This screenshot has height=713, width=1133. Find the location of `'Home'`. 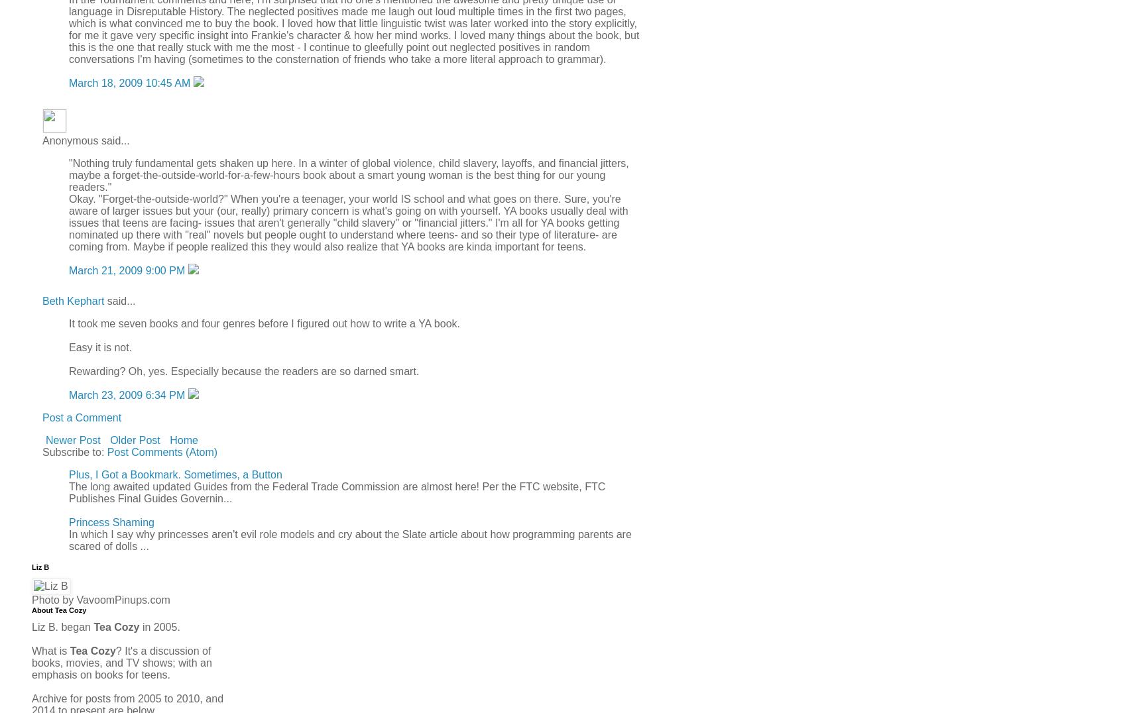

'Home' is located at coordinates (183, 439).